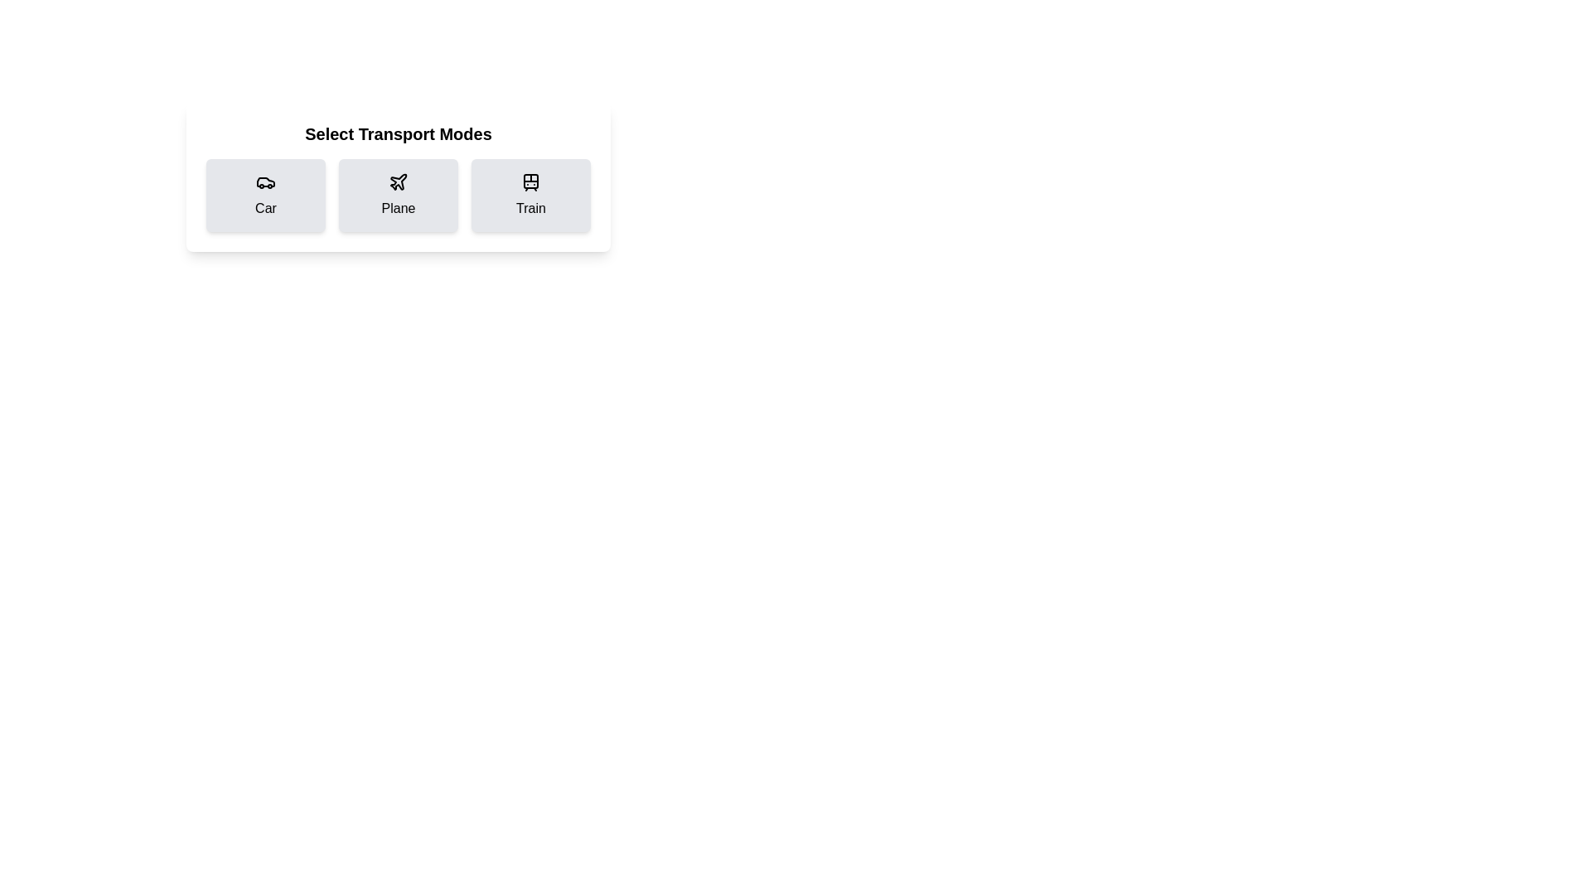  What do you see at coordinates (531, 194) in the screenshot?
I see `the card representing the transport mode Train to select it` at bounding box center [531, 194].